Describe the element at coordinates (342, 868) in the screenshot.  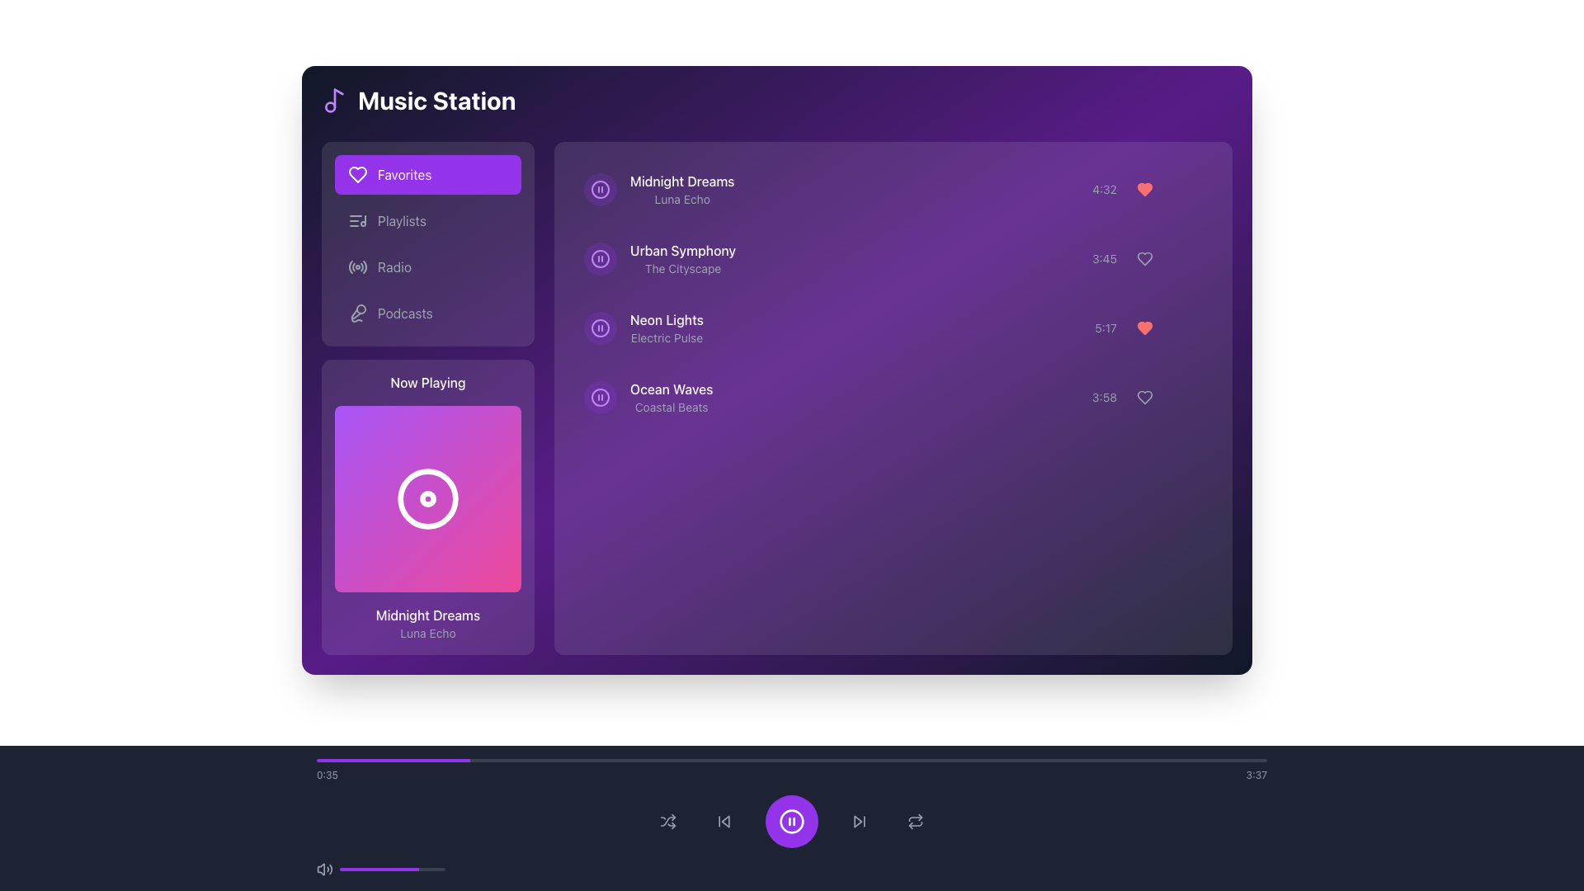
I see `the slider value` at that location.